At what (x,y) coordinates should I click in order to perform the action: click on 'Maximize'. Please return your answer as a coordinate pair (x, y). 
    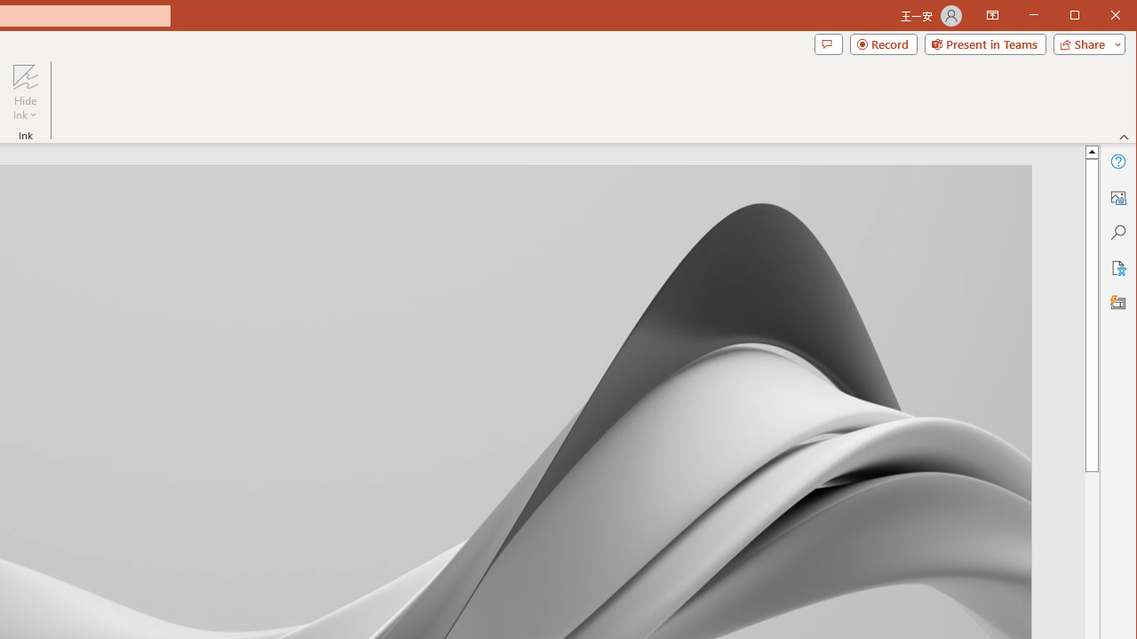
    Looking at the image, I should click on (1100, 17).